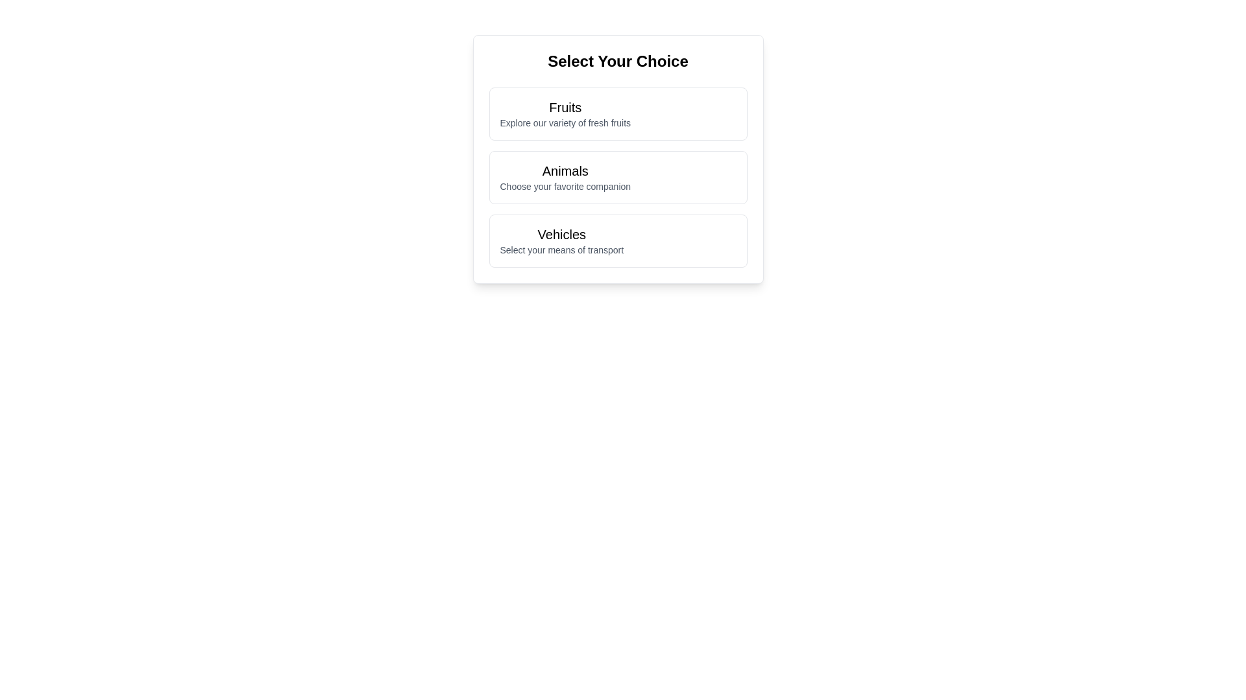 The image size is (1246, 700). I want to click on the static text label that provides details about the 'Fruits' option, located directly below the title 'Fruits' in the first choice card, so click(565, 122).